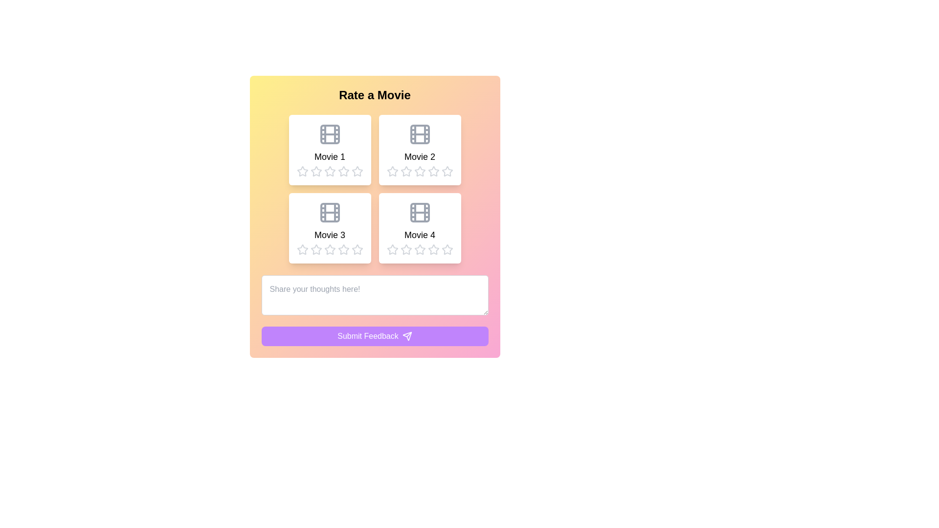 The image size is (939, 528). What do you see at coordinates (420, 212) in the screenshot?
I see `the decorative graphic element located in the fourth card (Movie 4) of the bottom-right side of the movie rating grid, which is part of a 2x2 grid layout` at bounding box center [420, 212].